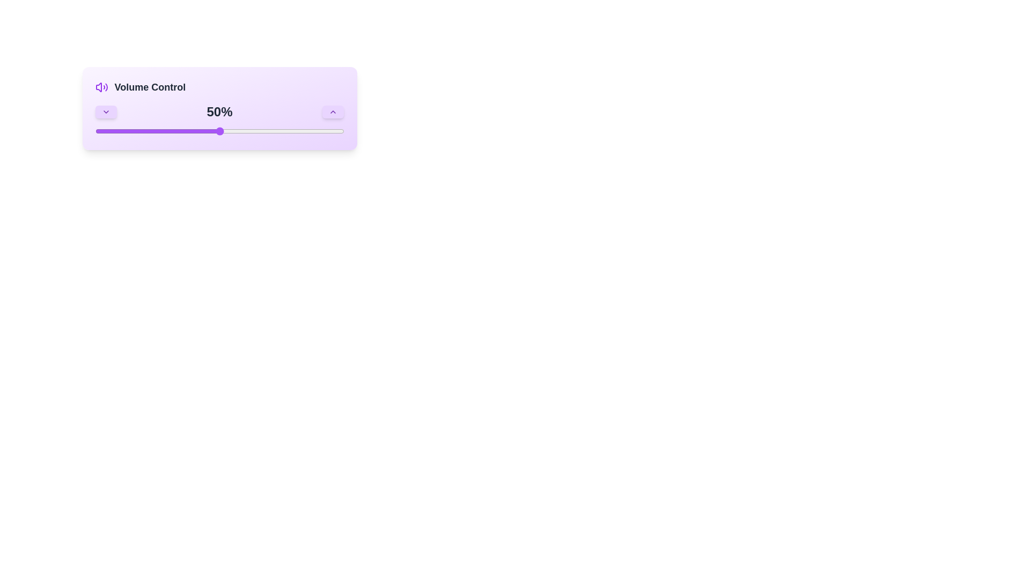  I want to click on the volume slider, so click(269, 131).